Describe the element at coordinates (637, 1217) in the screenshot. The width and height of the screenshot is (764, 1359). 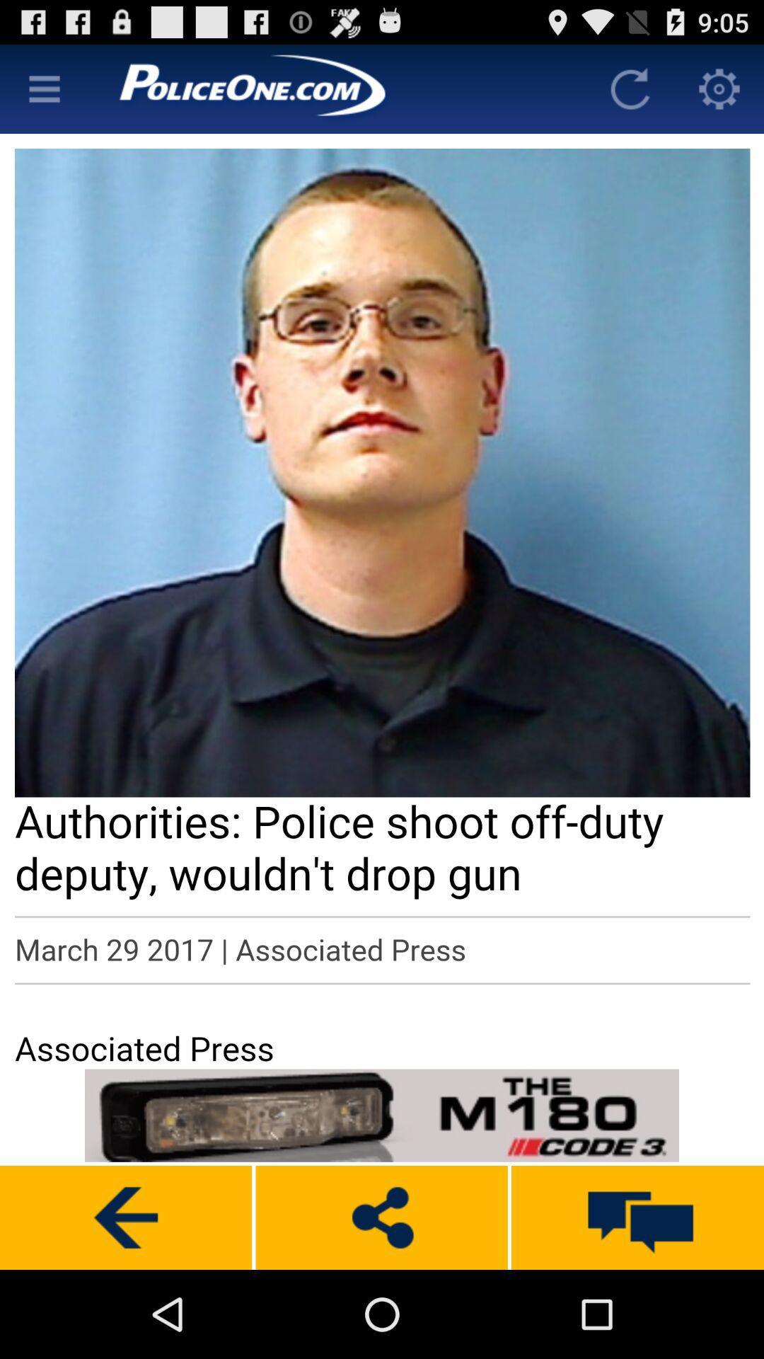
I see `chat box` at that location.